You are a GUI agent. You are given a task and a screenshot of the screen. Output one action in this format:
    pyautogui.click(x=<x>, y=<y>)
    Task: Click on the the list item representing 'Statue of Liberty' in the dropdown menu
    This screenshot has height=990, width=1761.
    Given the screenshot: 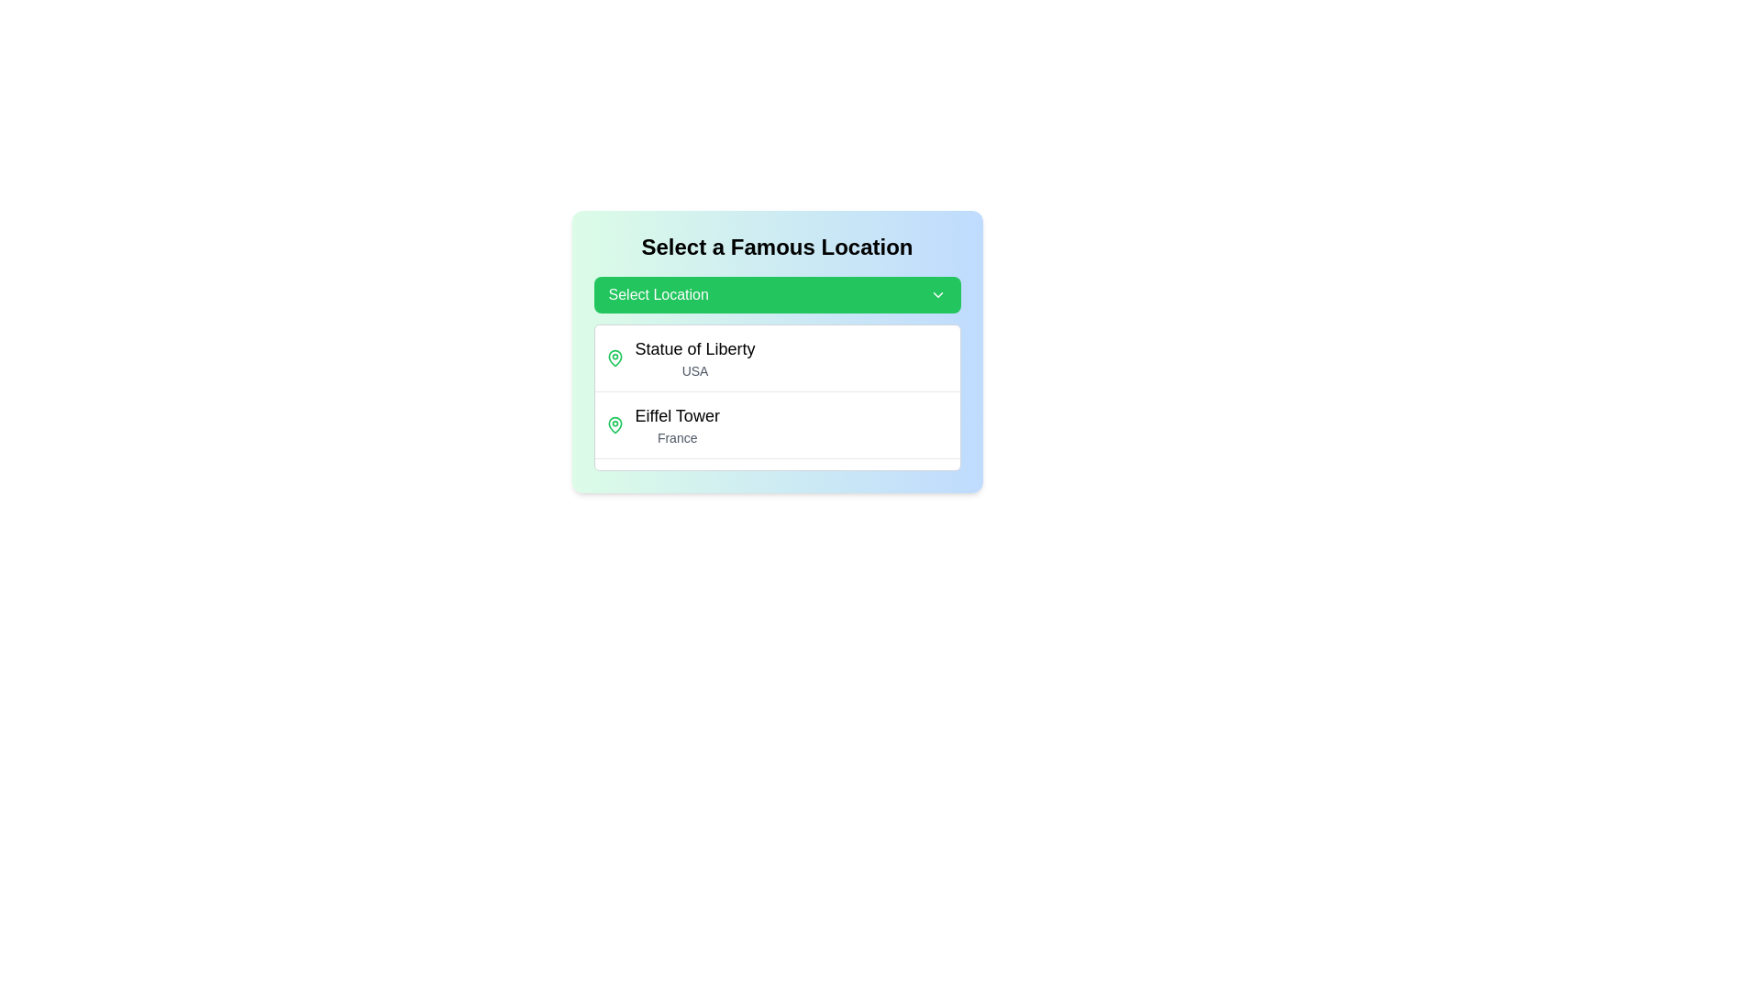 What is the action you would take?
    pyautogui.click(x=694, y=357)
    